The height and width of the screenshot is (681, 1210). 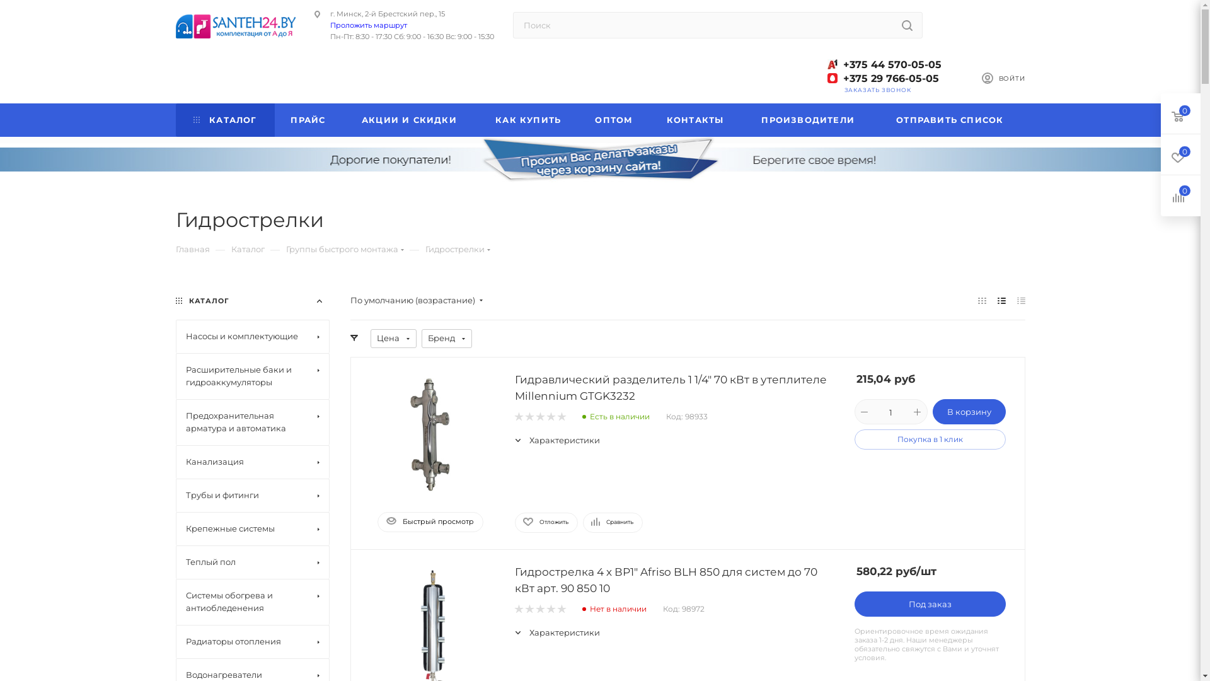 I want to click on 'a1-min.jpg', so click(x=832, y=64).